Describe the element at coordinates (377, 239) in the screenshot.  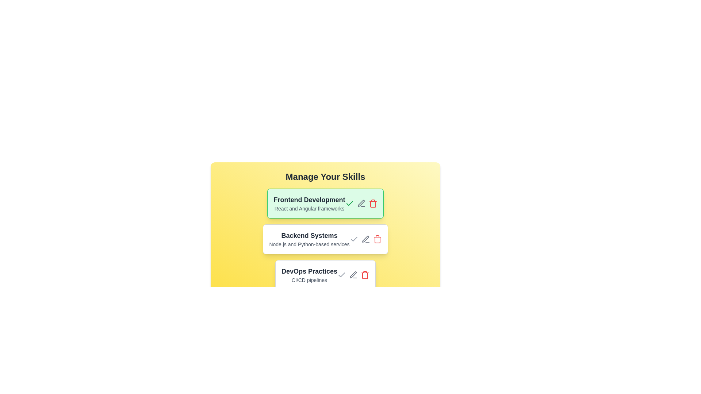
I see `the trash icon to delete the item corresponding to the skill Backend Systems` at that location.